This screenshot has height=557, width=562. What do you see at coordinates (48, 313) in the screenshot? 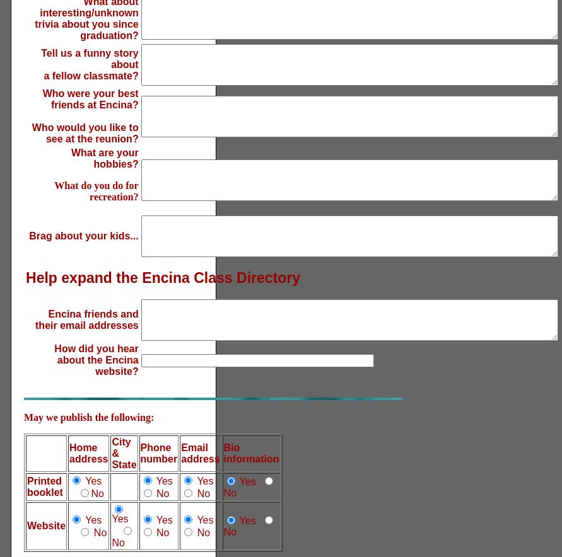
I see `'Encina friends and'` at bounding box center [48, 313].